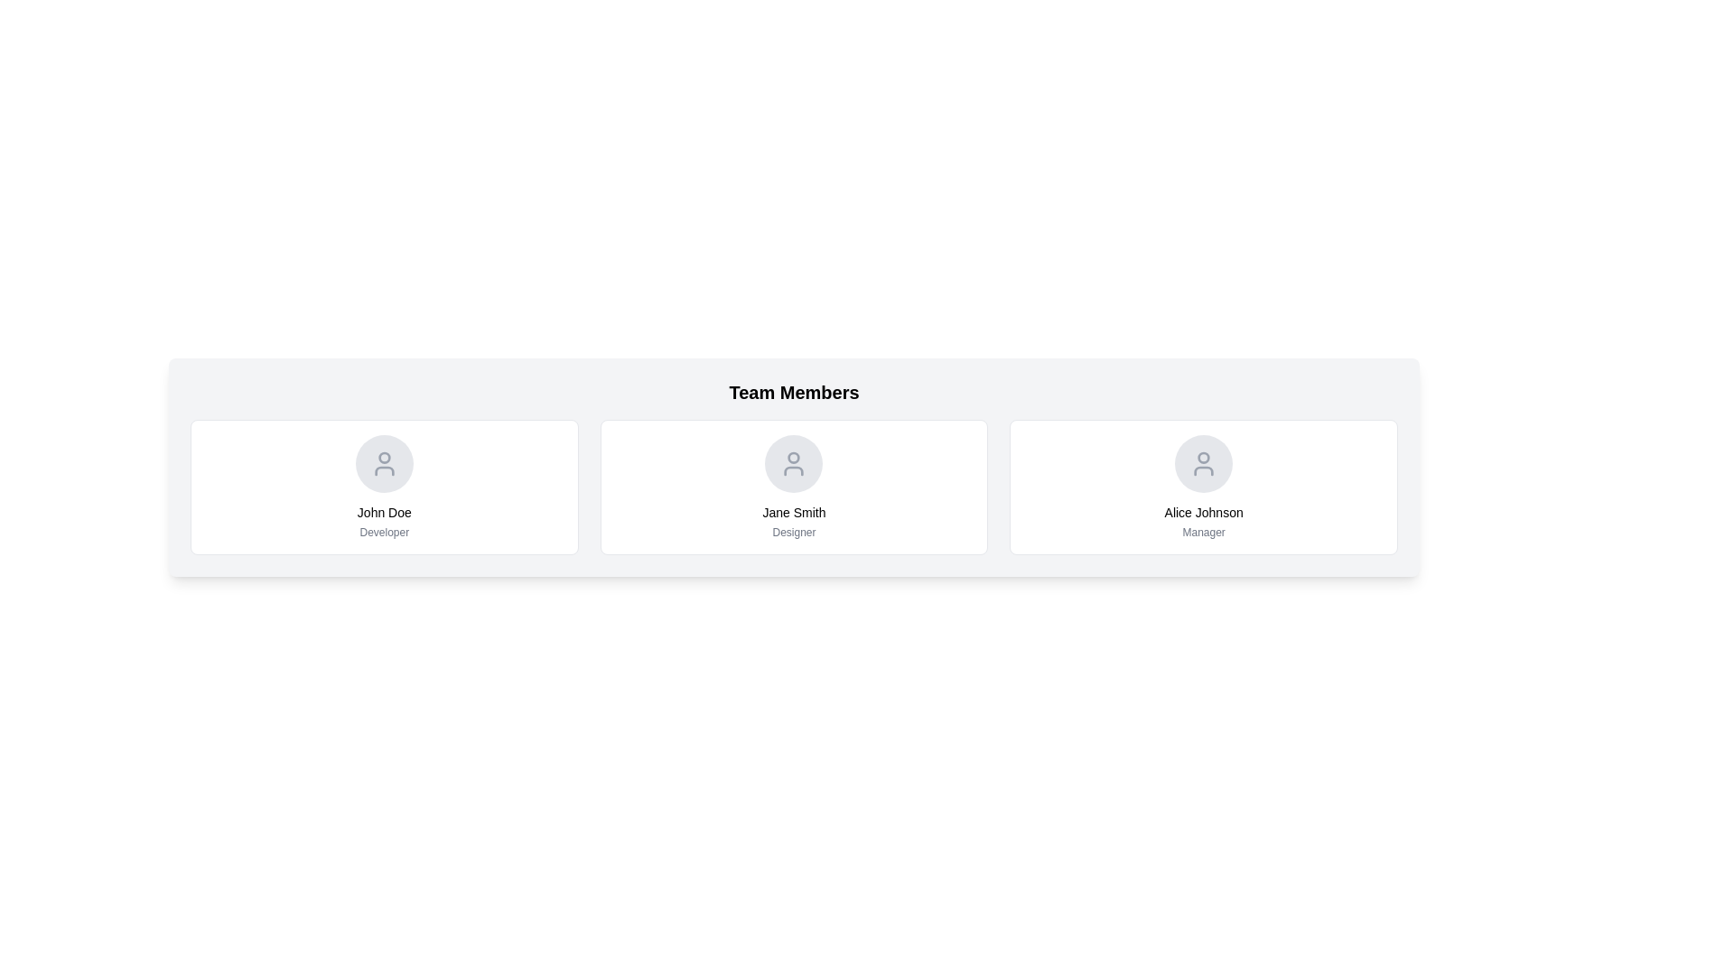 The width and height of the screenshot is (1734, 975). What do you see at coordinates (794, 512) in the screenshot?
I see `name 'Jane Smith' displayed in bold text, positioned in the middle of the second card among three cards in the central column under 'Team Members'` at bounding box center [794, 512].